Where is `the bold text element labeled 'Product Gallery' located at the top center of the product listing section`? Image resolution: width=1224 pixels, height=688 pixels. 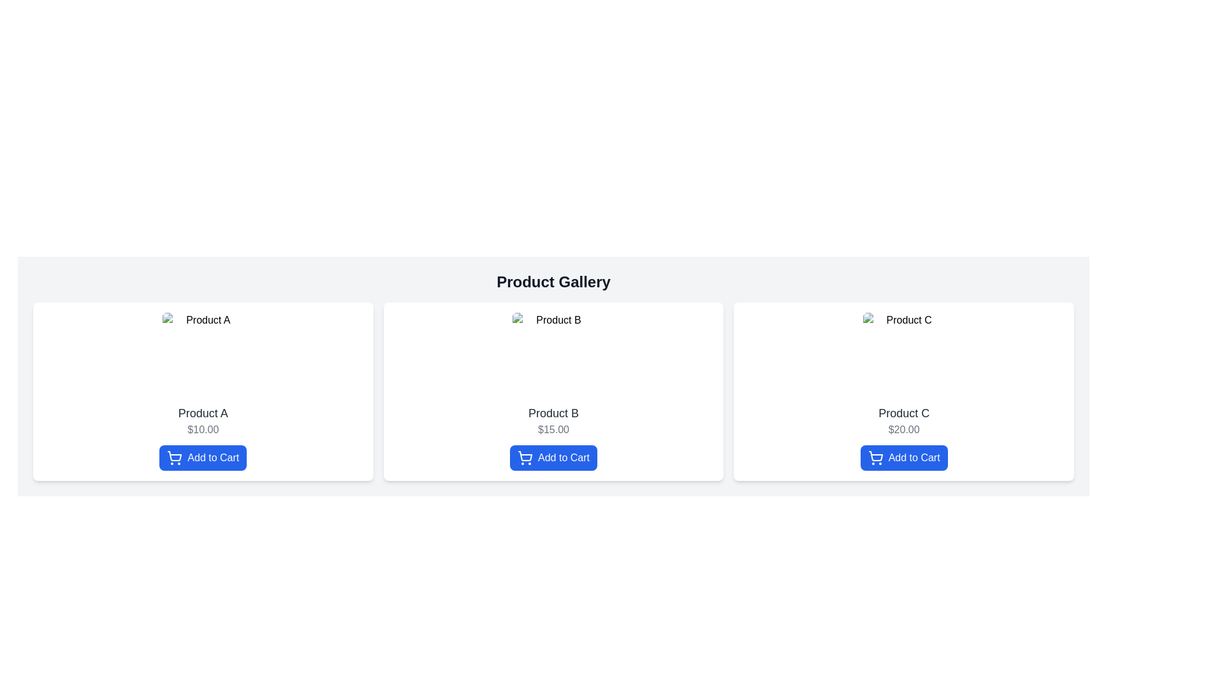
the bold text element labeled 'Product Gallery' located at the top center of the product listing section is located at coordinates (553, 282).